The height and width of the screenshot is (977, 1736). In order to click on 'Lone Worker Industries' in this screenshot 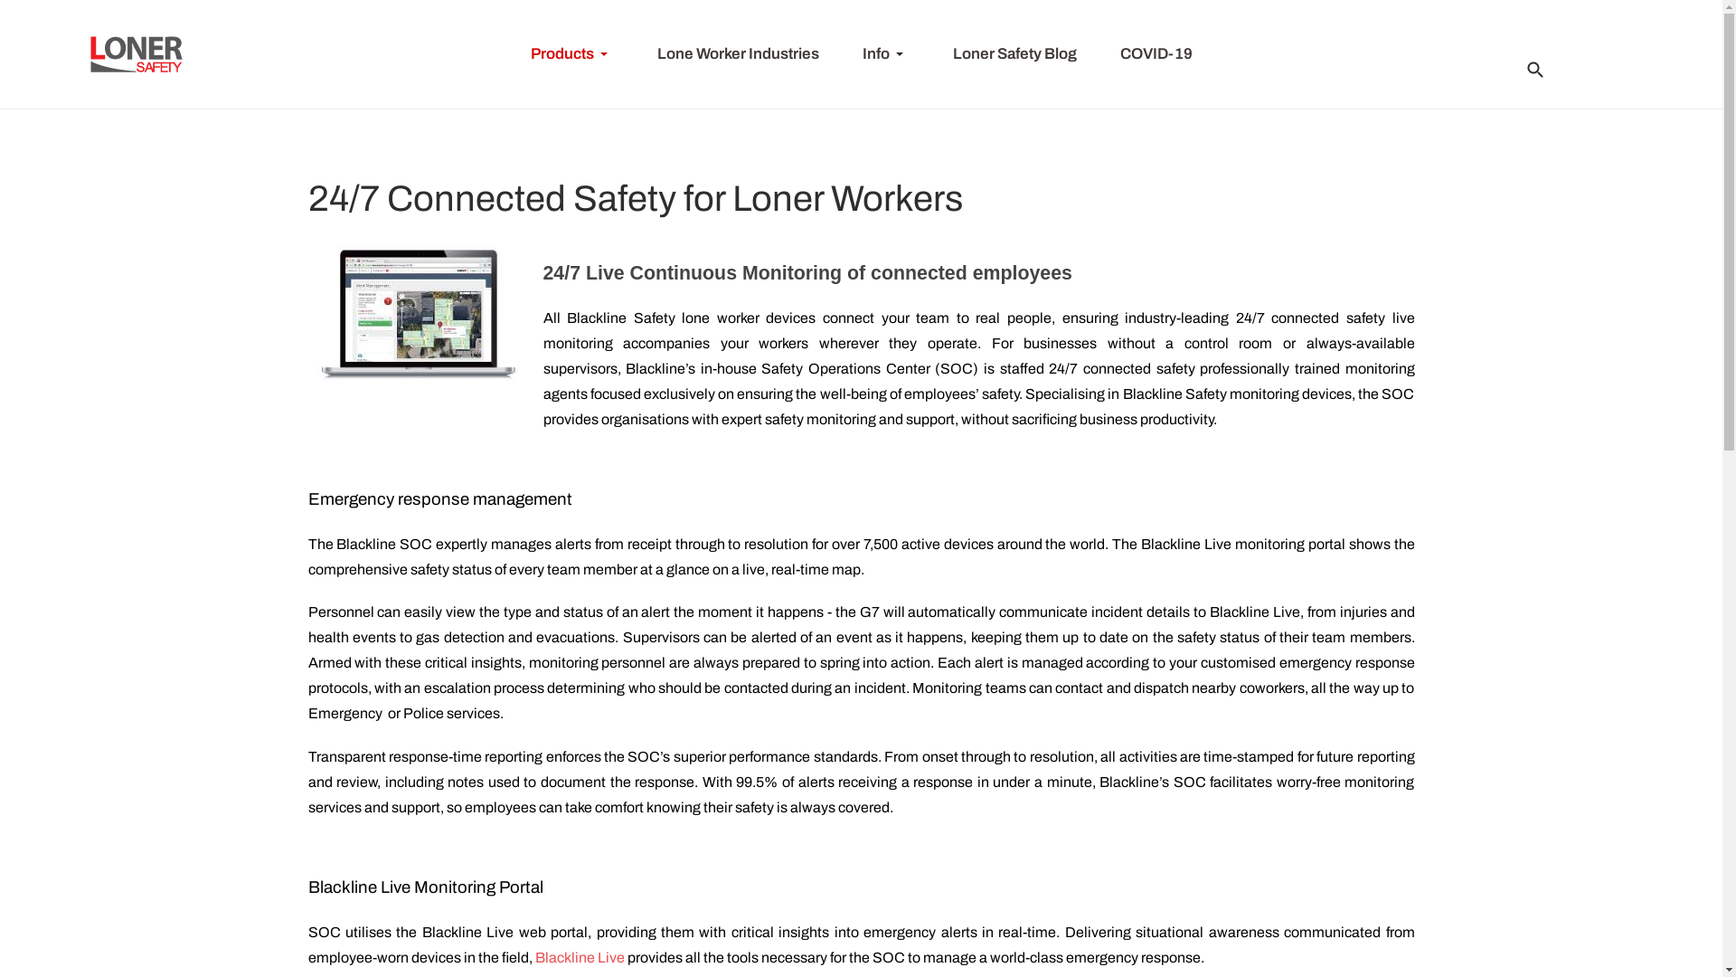, I will do `click(737, 53)`.